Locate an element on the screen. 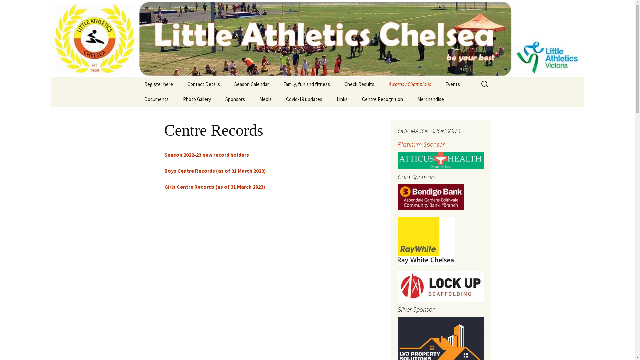 Image resolution: width=640 pixels, height=360 pixels. 'Season Calendar' is located at coordinates (251, 84).